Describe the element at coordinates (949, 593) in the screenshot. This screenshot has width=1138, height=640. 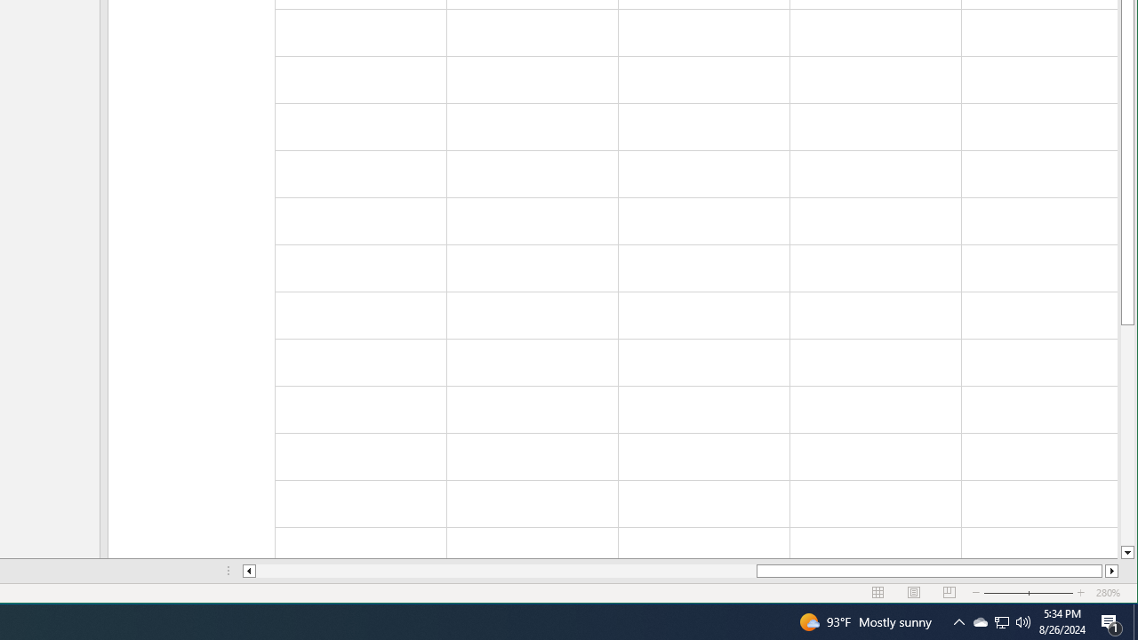
I see `'Page Break Preview'` at that location.